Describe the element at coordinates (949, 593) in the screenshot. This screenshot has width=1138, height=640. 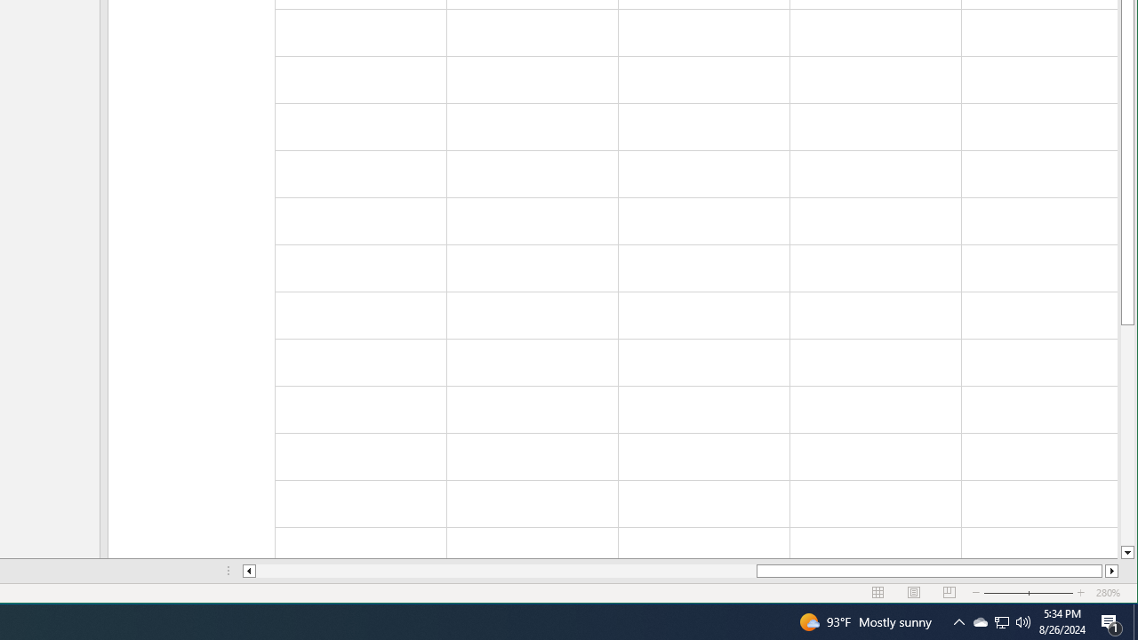
I see `'Page Break Preview'` at that location.